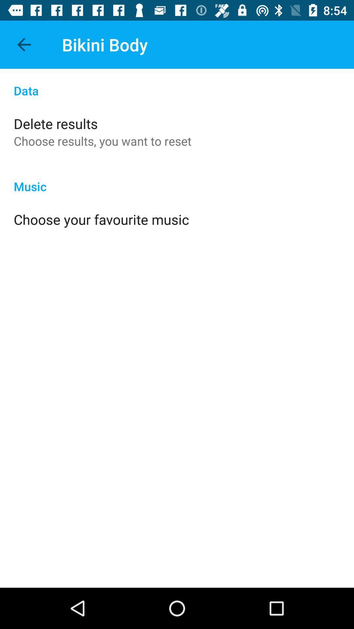 The image size is (354, 629). What do you see at coordinates (24, 44) in the screenshot?
I see `the app to the left of bikini body` at bounding box center [24, 44].